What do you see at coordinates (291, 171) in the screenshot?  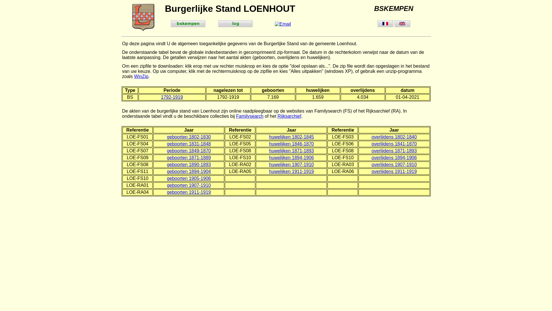 I see `'huwelijken 1911-1919'` at bounding box center [291, 171].